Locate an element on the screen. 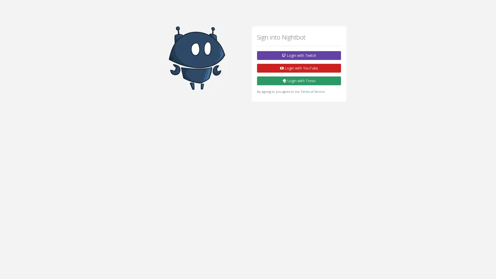  Login with YouTube is located at coordinates (299, 68).